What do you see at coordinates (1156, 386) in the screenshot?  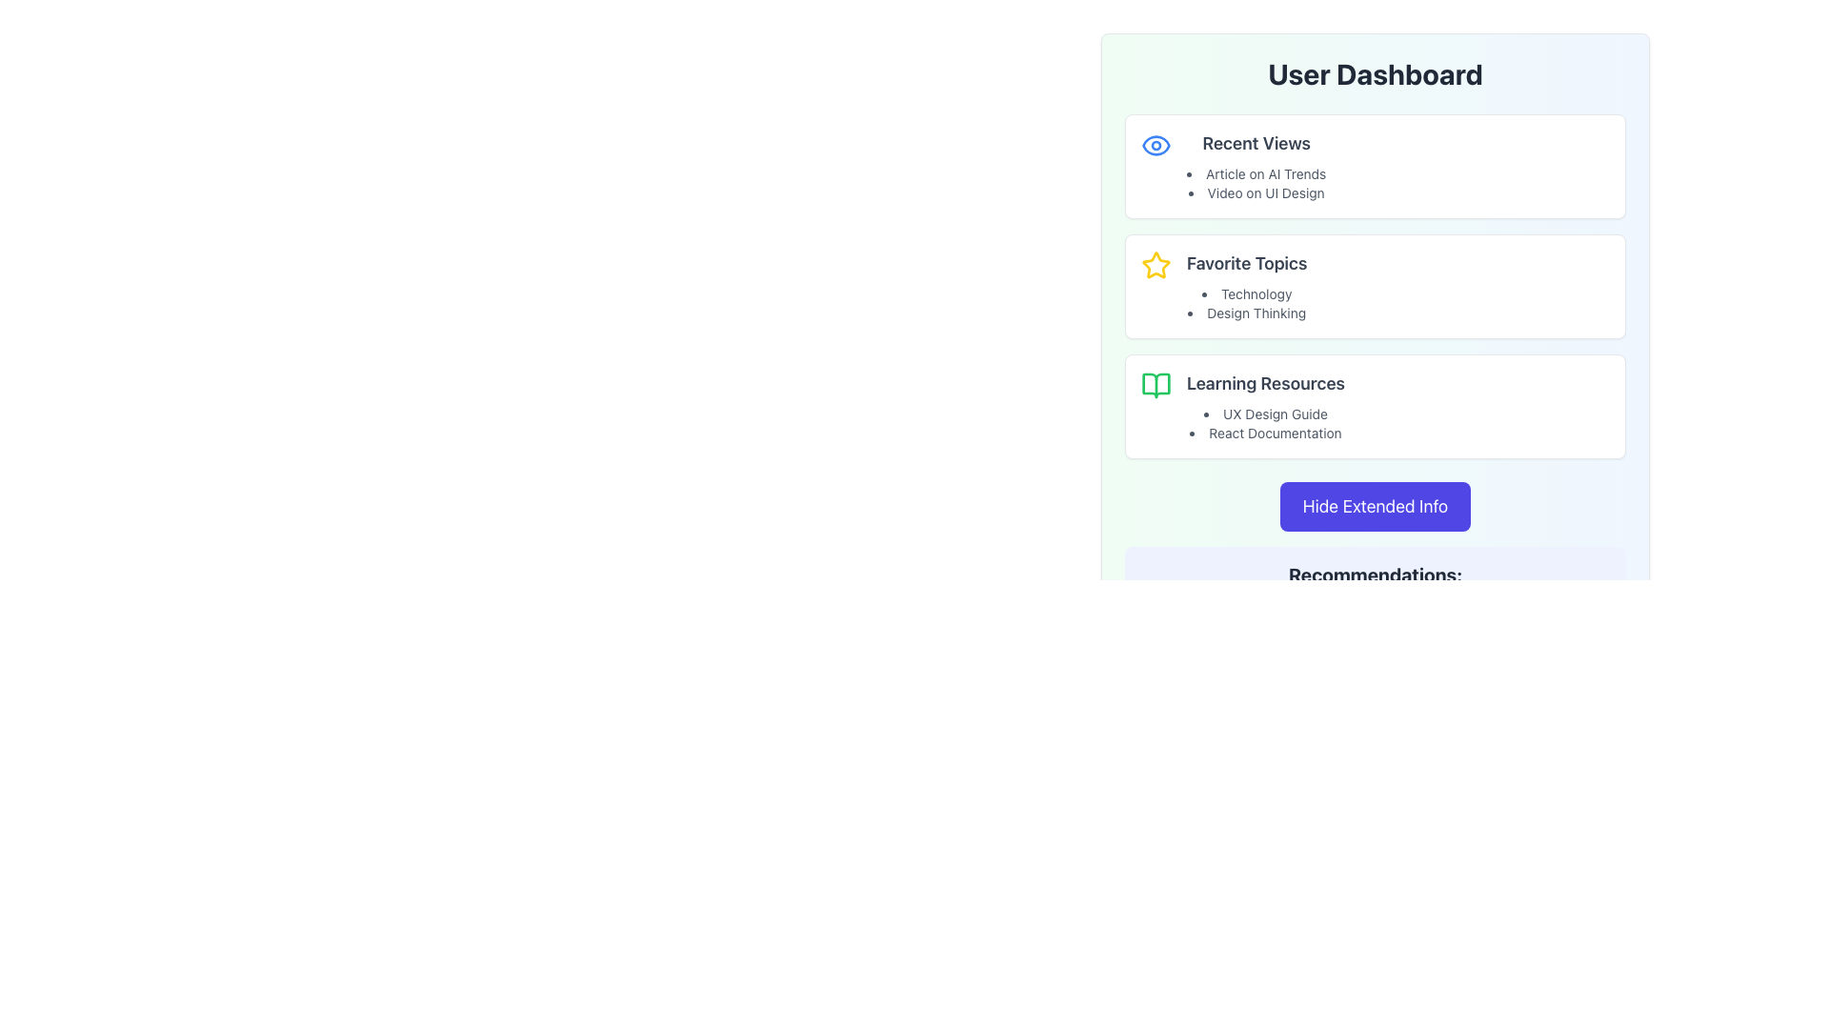 I see `the icon representing the 'Learning Resources' section located in the upper left of the User Dashboard, adjacent to the text 'Learning Resources'` at bounding box center [1156, 386].